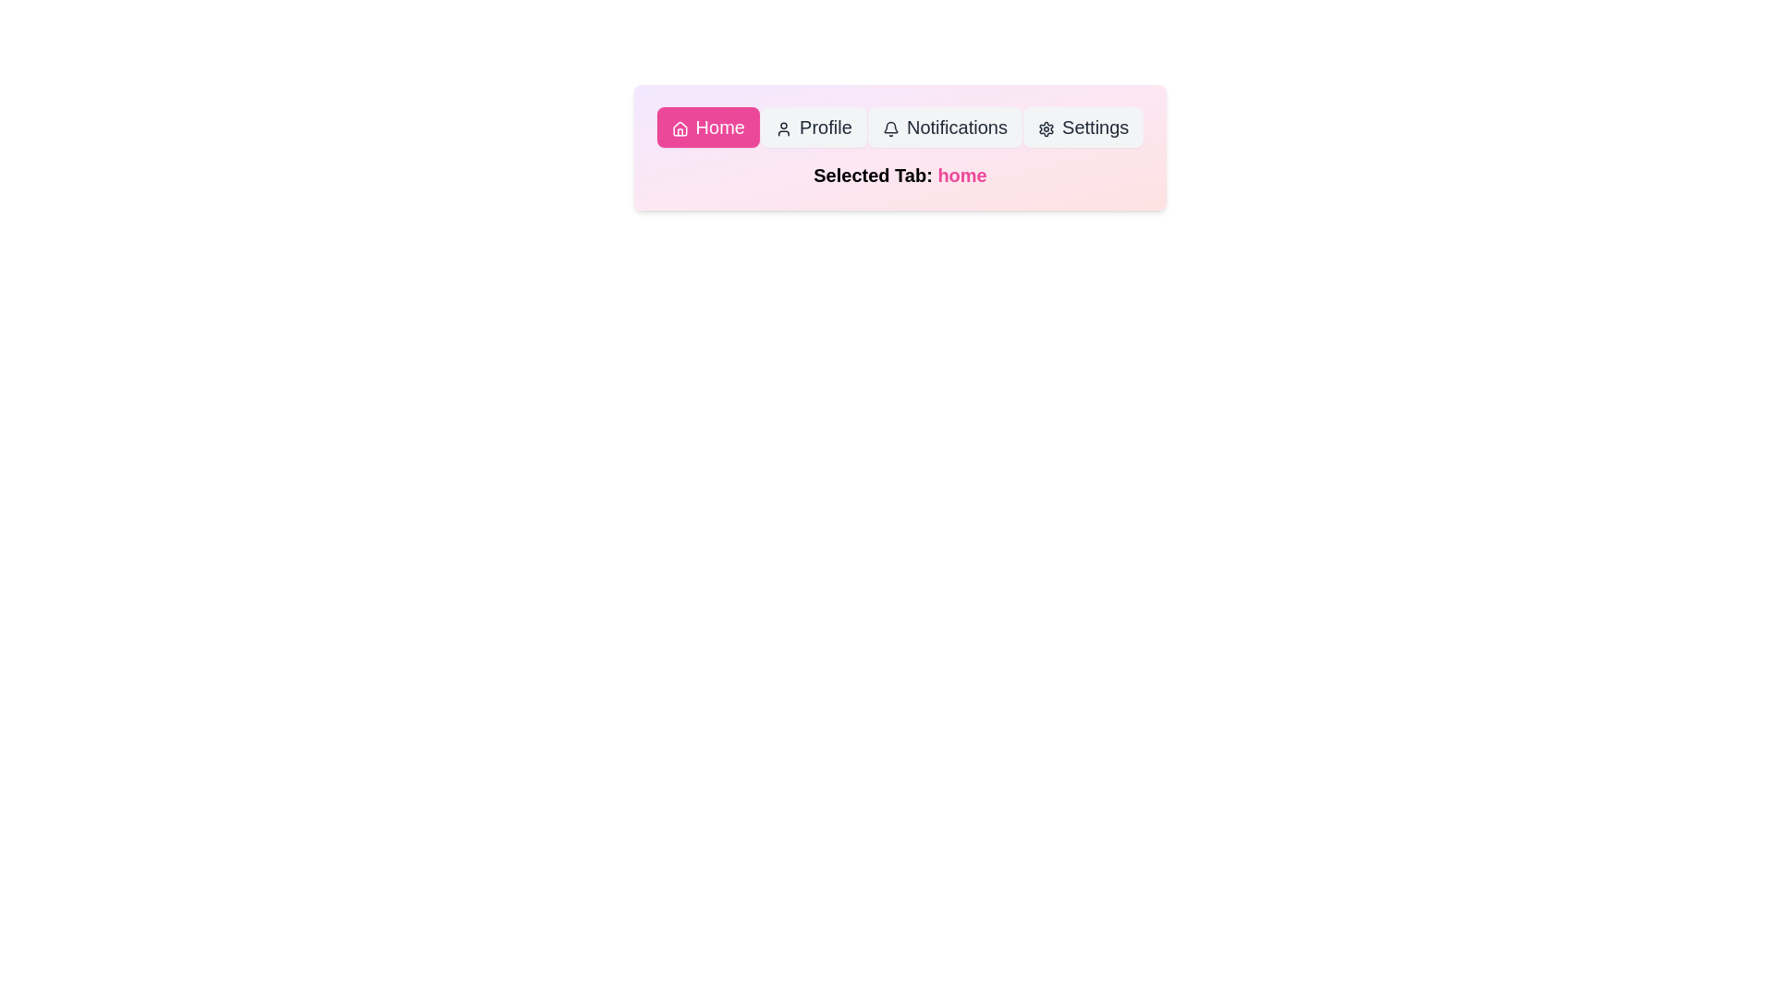 The image size is (1775, 998). What do you see at coordinates (814, 127) in the screenshot?
I see `the Profile button located in the navigation bar` at bounding box center [814, 127].